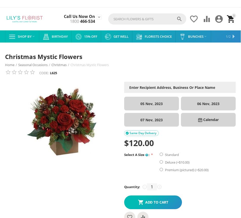 The width and height of the screenshot is (241, 218). What do you see at coordinates (87, 21) in the screenshot?
I see `'466-534'` at bounding box center [87, 21].